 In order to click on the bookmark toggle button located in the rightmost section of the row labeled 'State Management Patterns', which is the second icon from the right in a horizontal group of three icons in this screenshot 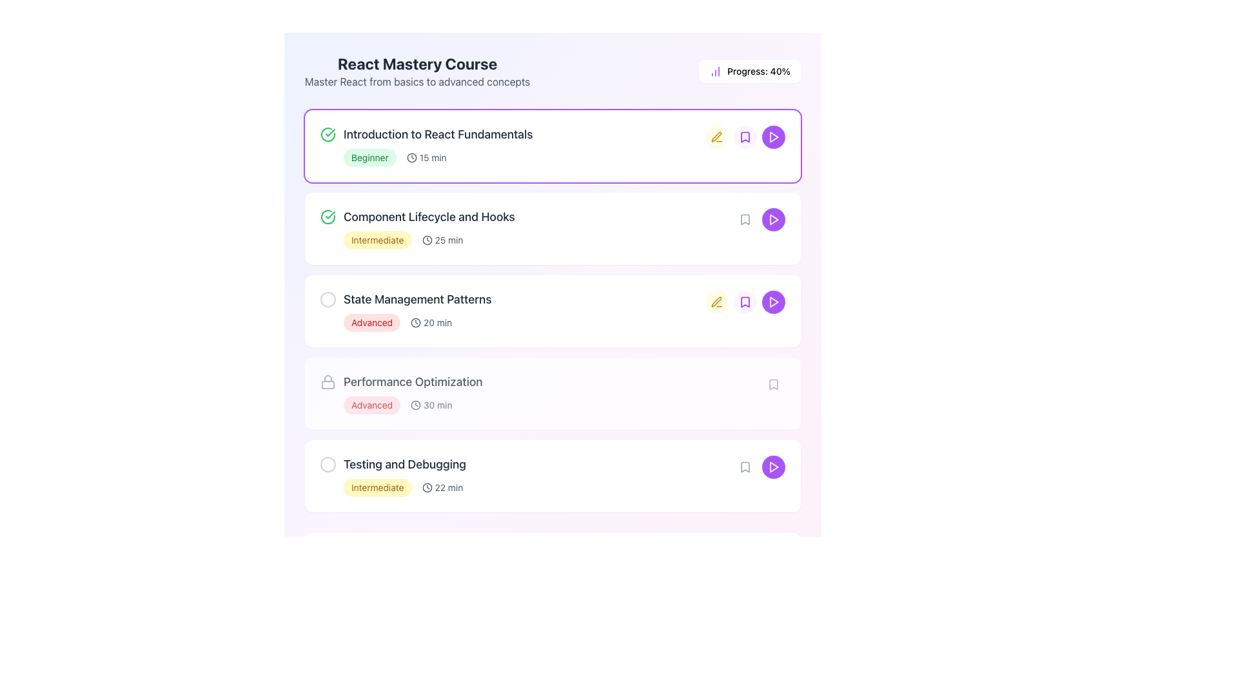, I will do `click(745, 302)`.